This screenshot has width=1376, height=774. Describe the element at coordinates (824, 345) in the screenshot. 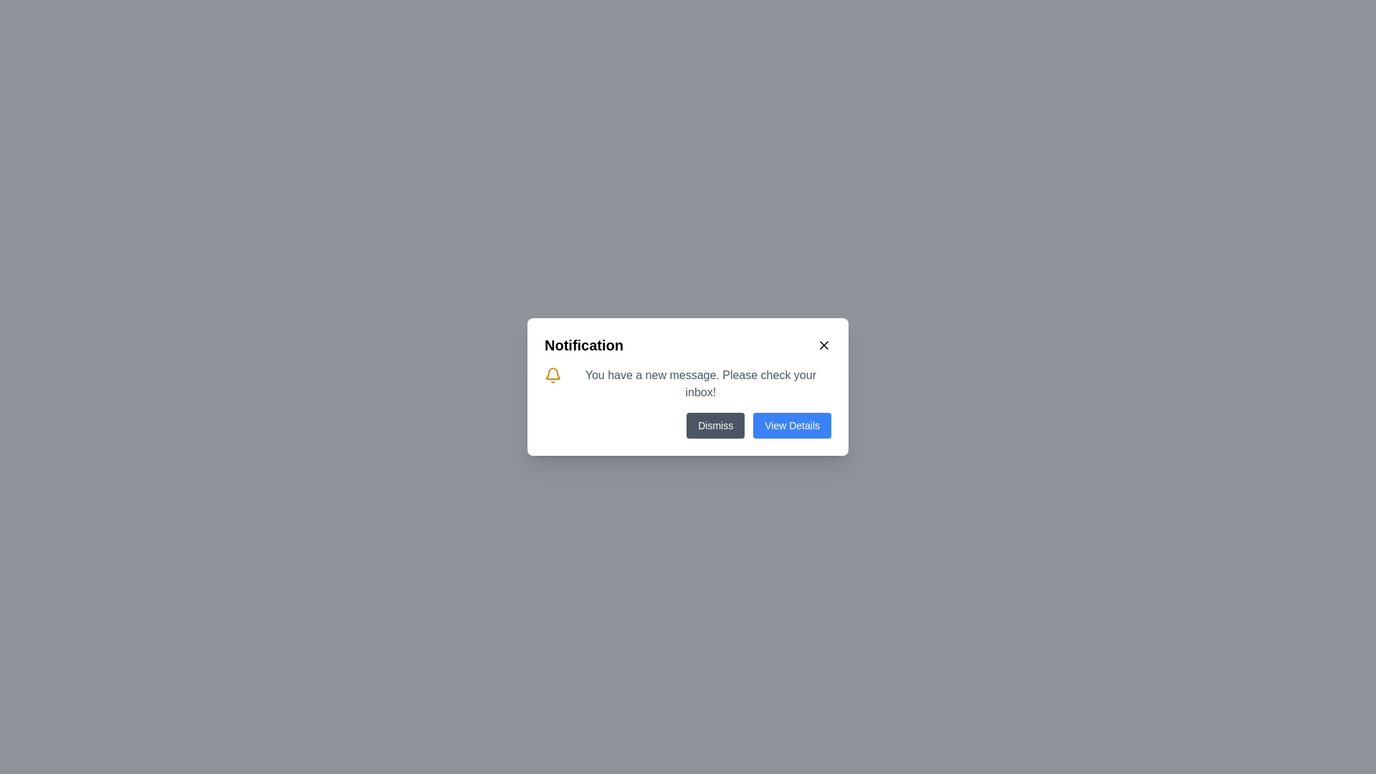

I see `the Close/Dismiss button styled as an SVG graphic located at the top-right corner of the notification box` at that location.